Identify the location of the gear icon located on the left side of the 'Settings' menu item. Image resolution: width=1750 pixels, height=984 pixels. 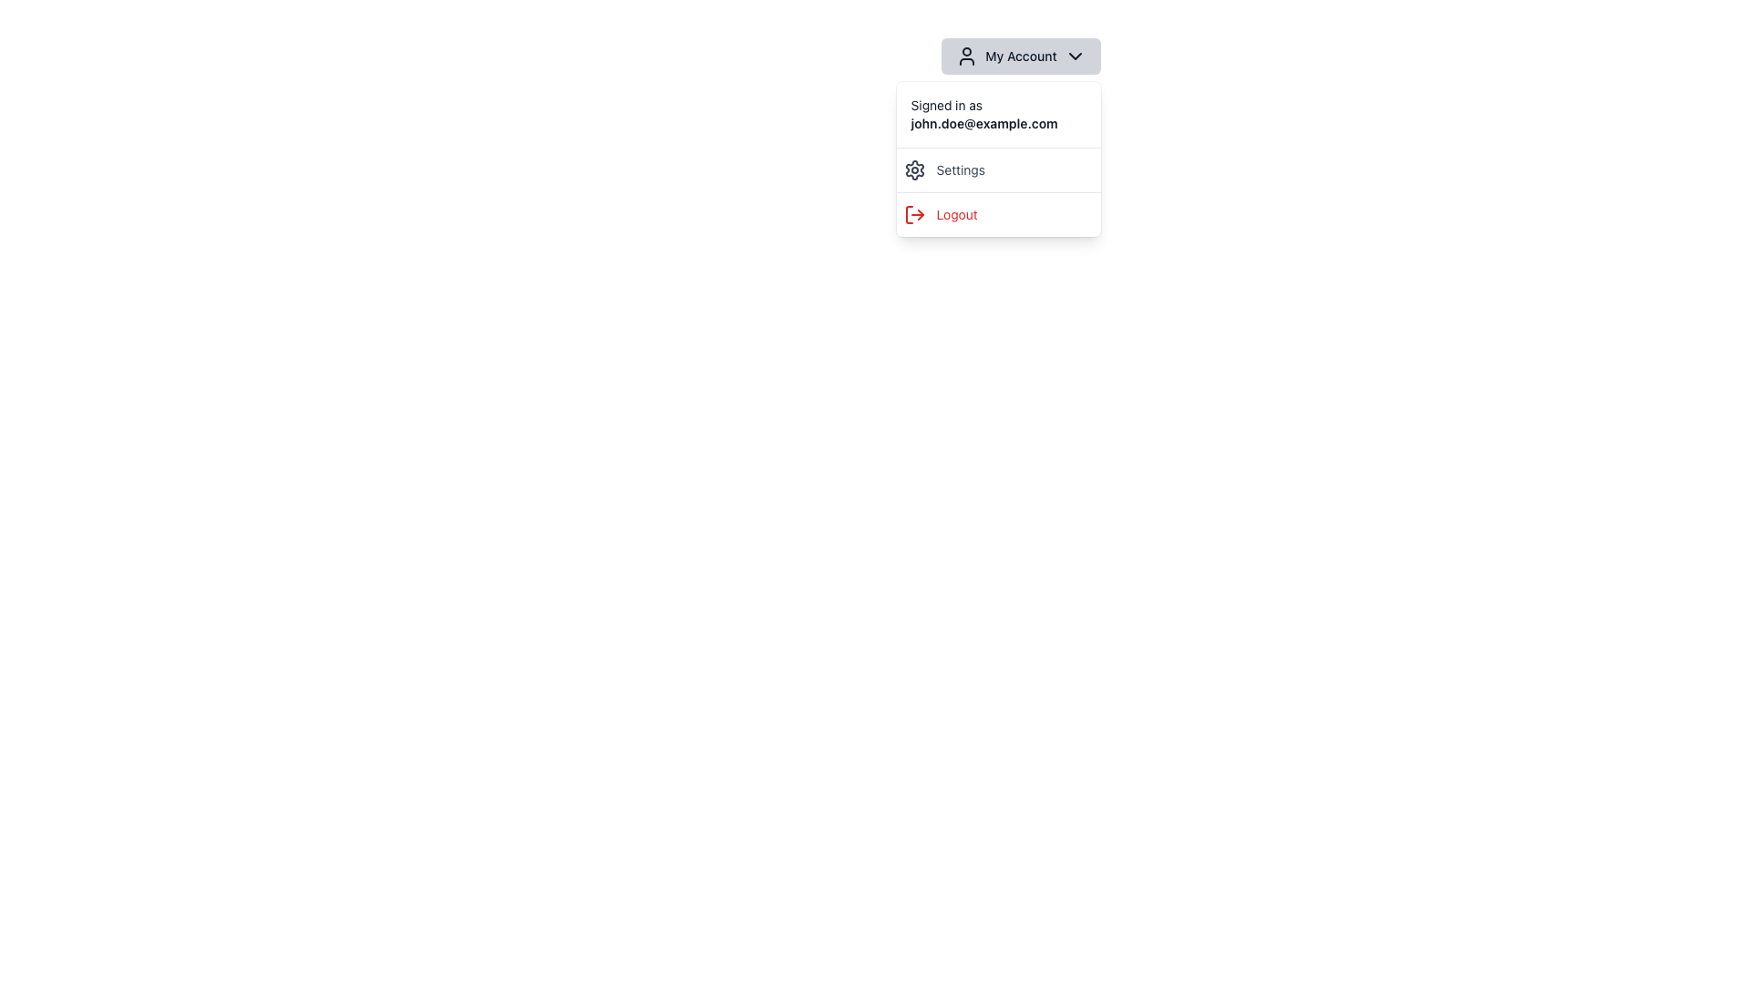
(914, 169).